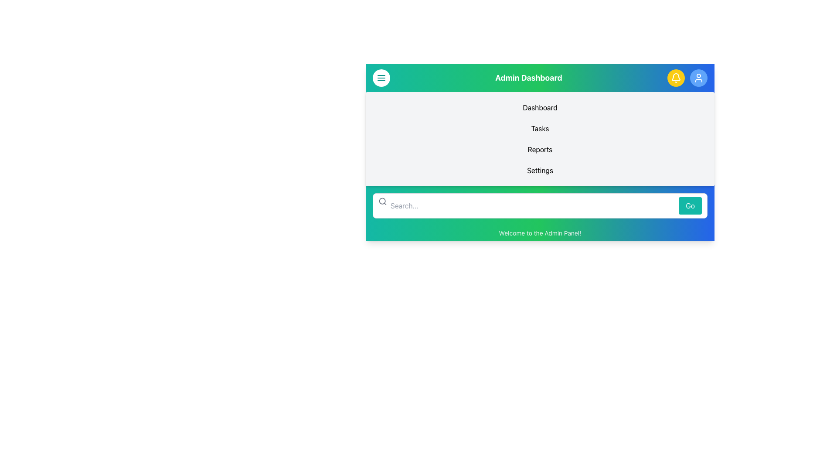 The height and width of the screenshot is (471, 837). Describe the element at coordinates (539, 205) in the screenshot. I see `the search bar located below the items 'Dashboard', 'Tasks', 'Reports', and 'Settings', and above the footer section` at that location.